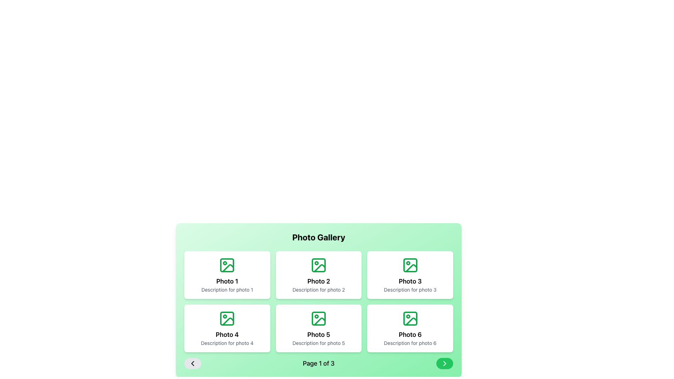 The width and height of the screenshot is (674, 379). Describe the element at coordinates (318, 265) in the screenshot. I see `the green rectangular background of the icon representing 'Photo 2' in the photo gallery` at that location.